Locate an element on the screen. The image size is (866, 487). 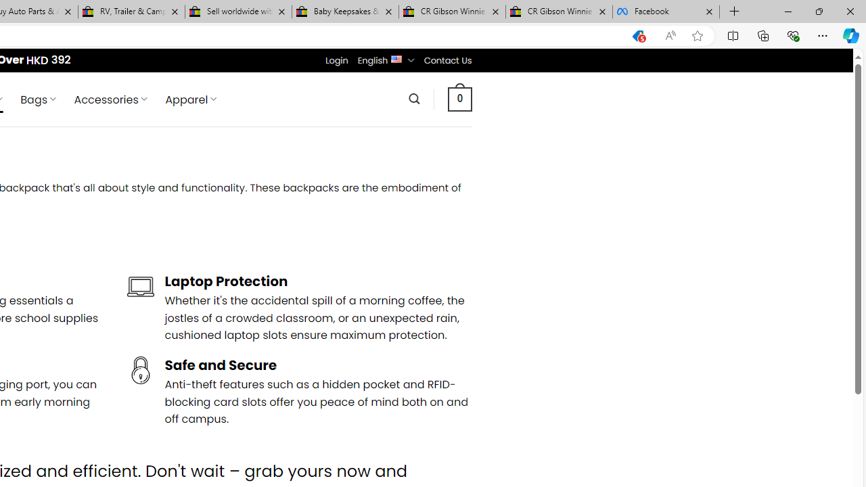
'  0  ' is located at coordinates (459, 98).